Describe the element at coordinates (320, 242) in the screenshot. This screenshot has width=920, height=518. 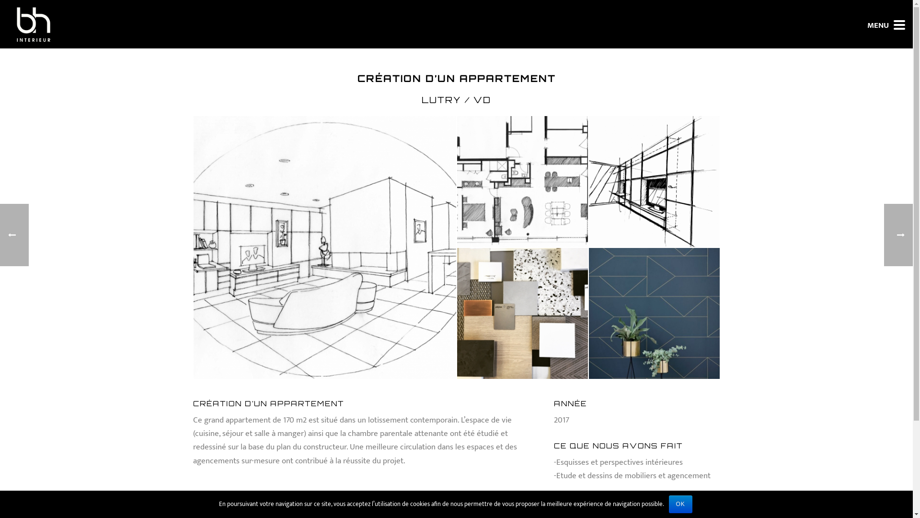
I see `'Perspective-salon-bh-interieur'` at that location.